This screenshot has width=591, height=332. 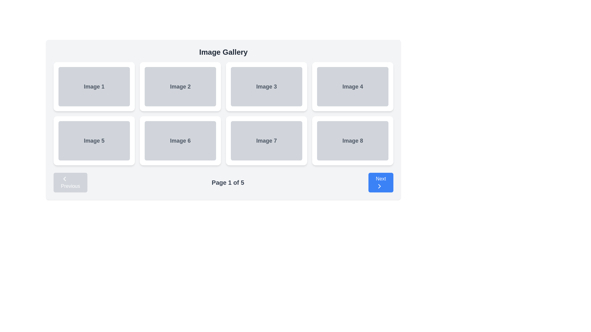 What do you see at coordinates (94, 86) in the screenshot?
I see `the text label that contains 'Image 1', which is styled in bold gray font and centered in a light gray rectangular box within the 'Image Gallery' grid layout` at bounding box center [94, 86].